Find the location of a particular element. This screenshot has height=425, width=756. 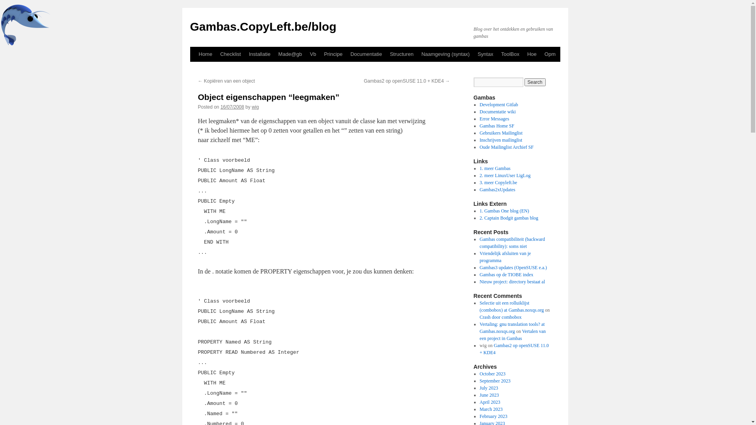

'February 2023' is located at coordinates (493, 416).